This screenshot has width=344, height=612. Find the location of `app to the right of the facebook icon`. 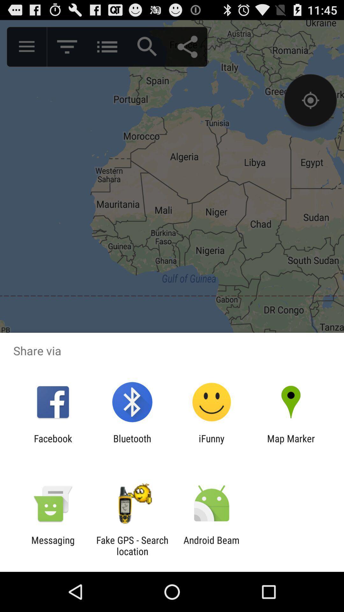

app to the right of the facebook icon is located at coordinates (132, 444).